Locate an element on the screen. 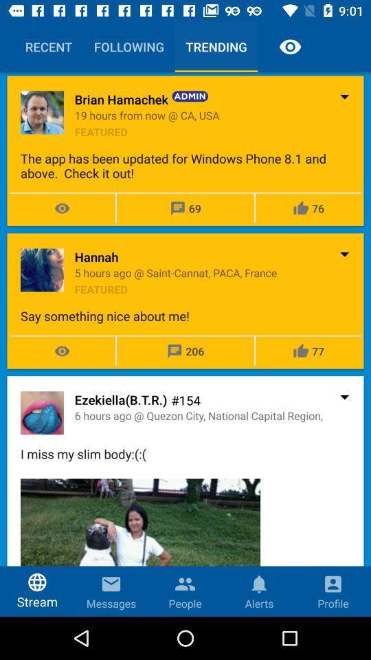  the text recent which is at the top left corner of the page is located at coordinates (48, 47).